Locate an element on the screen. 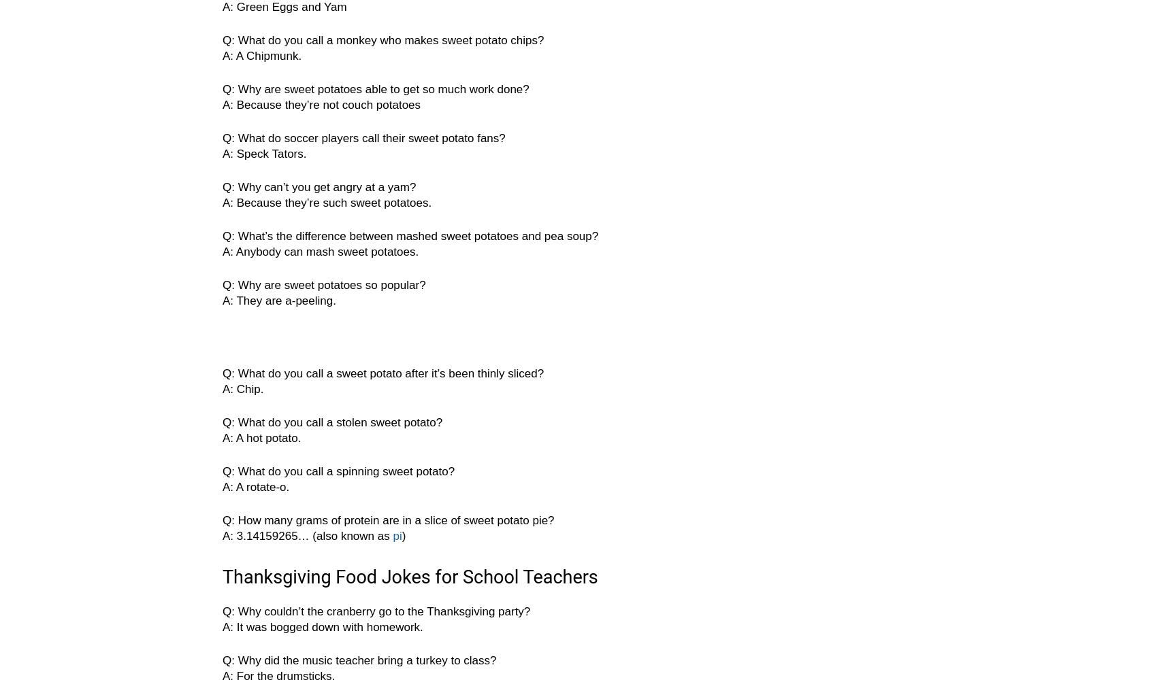 This screenshot has width=1172, height=680. 'A: It was bogged down with homework.' is located at coordinates (322, 627).